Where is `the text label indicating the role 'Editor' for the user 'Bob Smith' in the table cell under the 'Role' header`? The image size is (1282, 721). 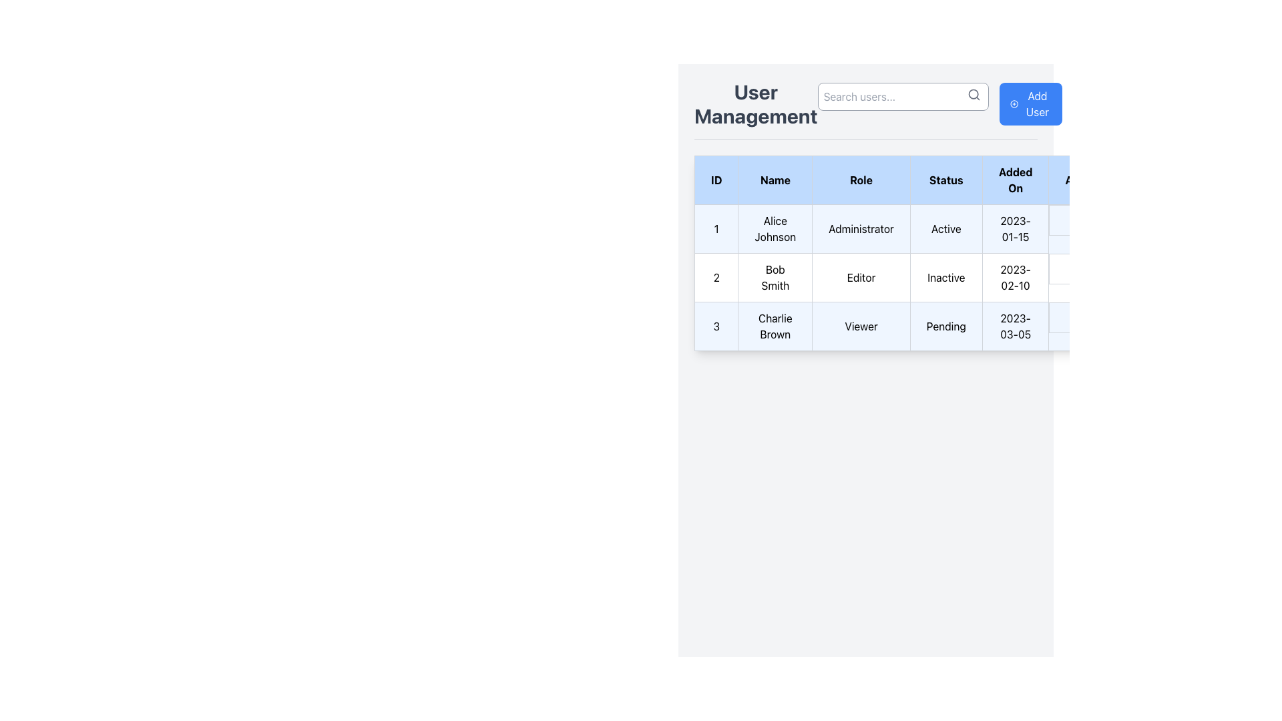
the text label indicating the role 'Editor' for the user 'Bob Smith' in the table cell under the 'Role' header is located at coordinates (861, 277).